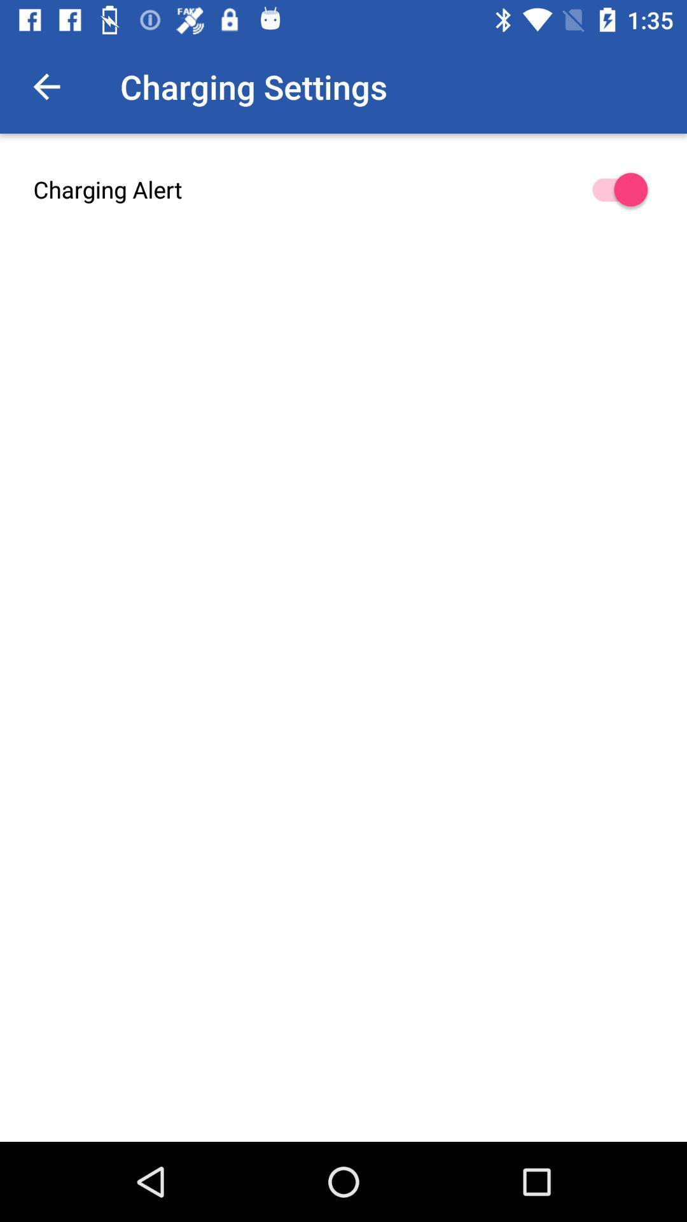 This screenshot has width=687, height=1222. What do you see at coordinates (46, 86) in the screenshot?
I see `the icon to the left of charging settings` at bounding box center [46, 86].